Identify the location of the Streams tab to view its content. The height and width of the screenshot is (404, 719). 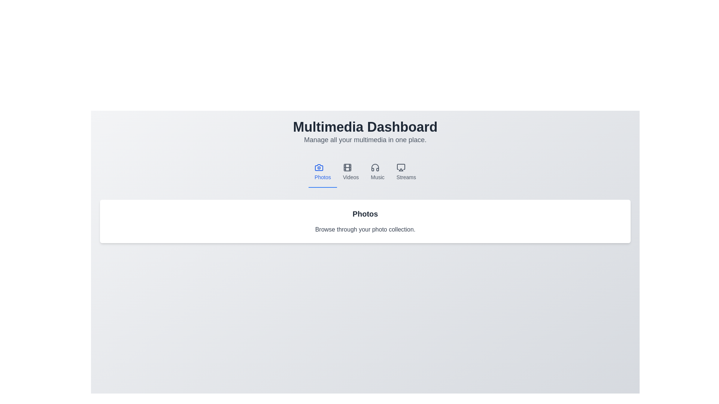
(406, 172).